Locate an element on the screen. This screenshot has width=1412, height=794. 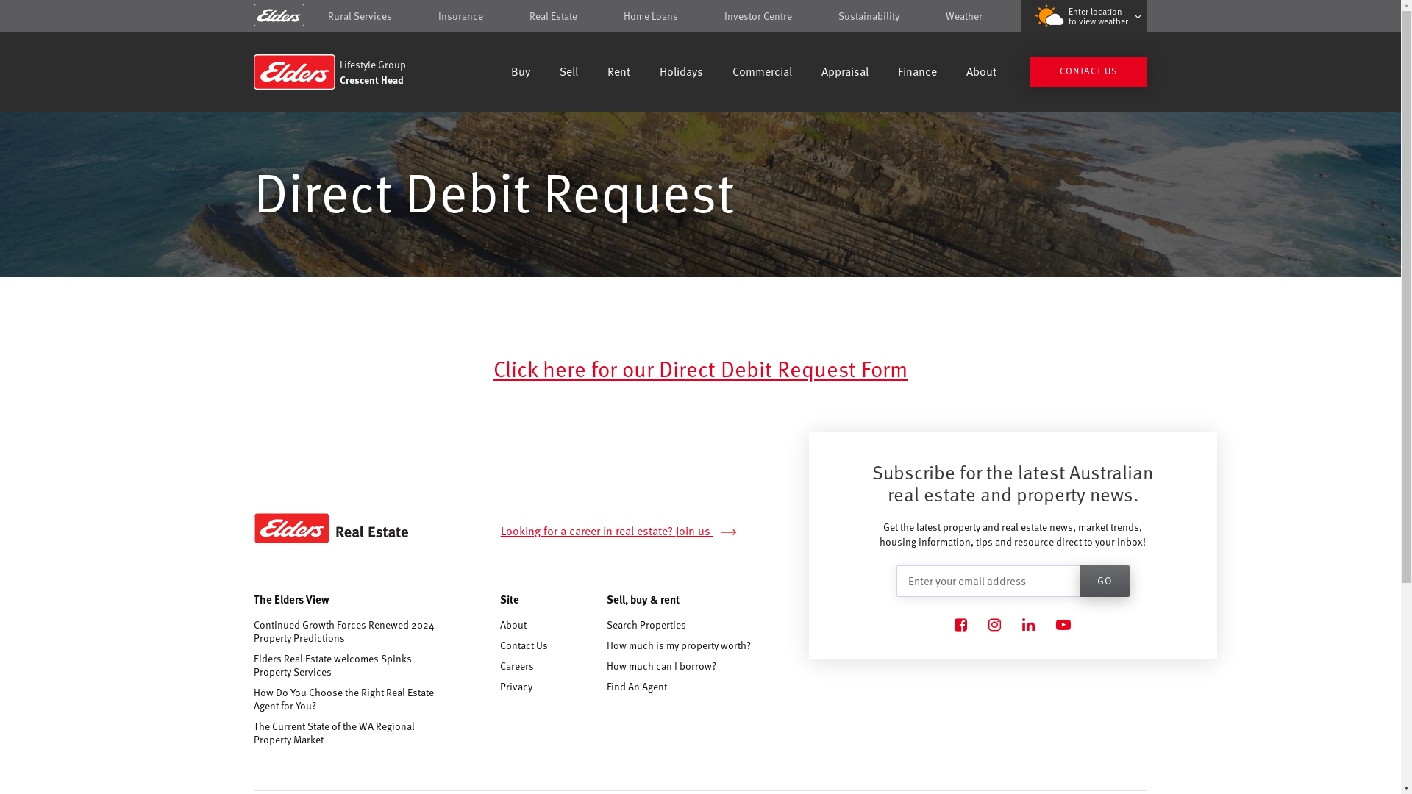
'How much can I borrow?' is located at coordinates (607, 665).